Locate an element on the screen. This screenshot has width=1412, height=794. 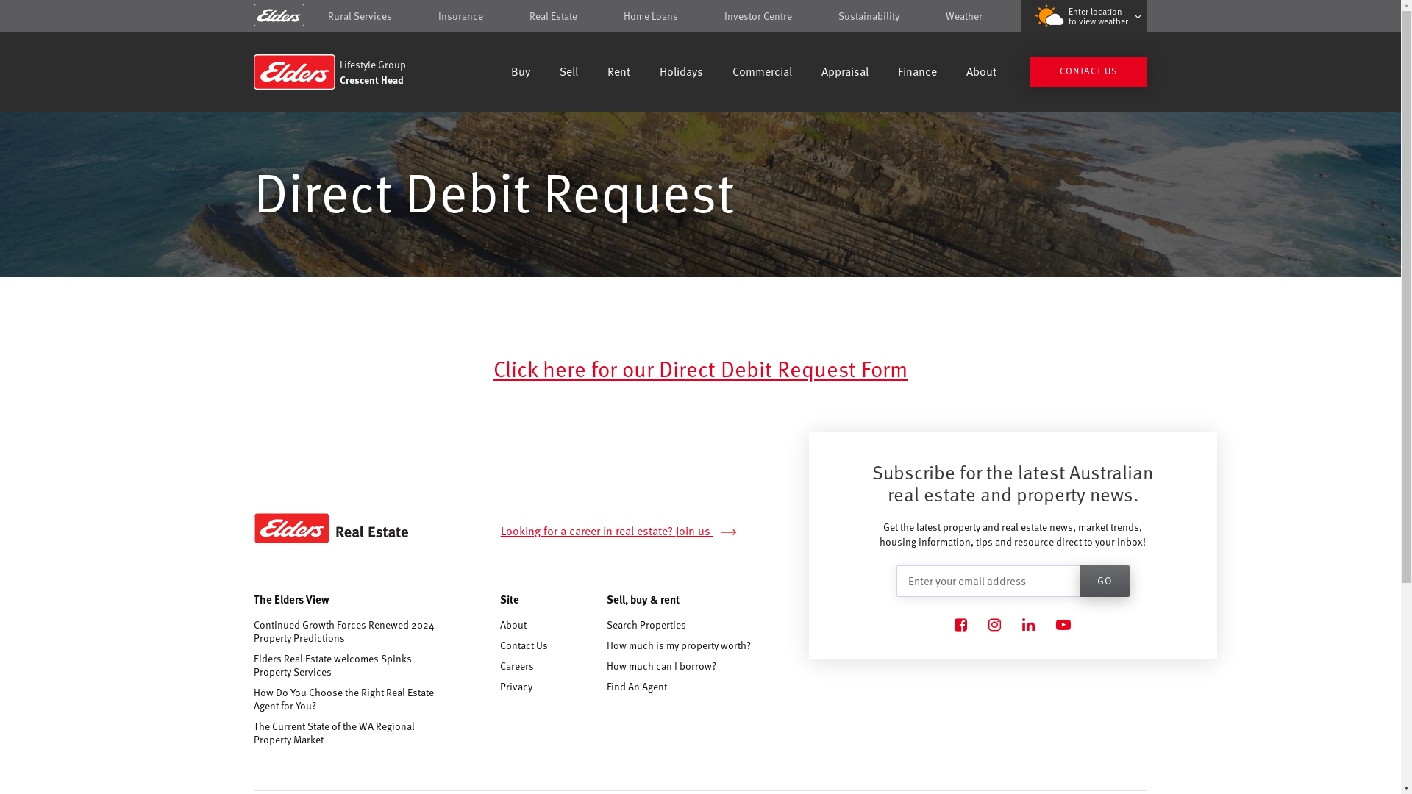
'How much can I borrow?' is located at coordinates (607, 665).